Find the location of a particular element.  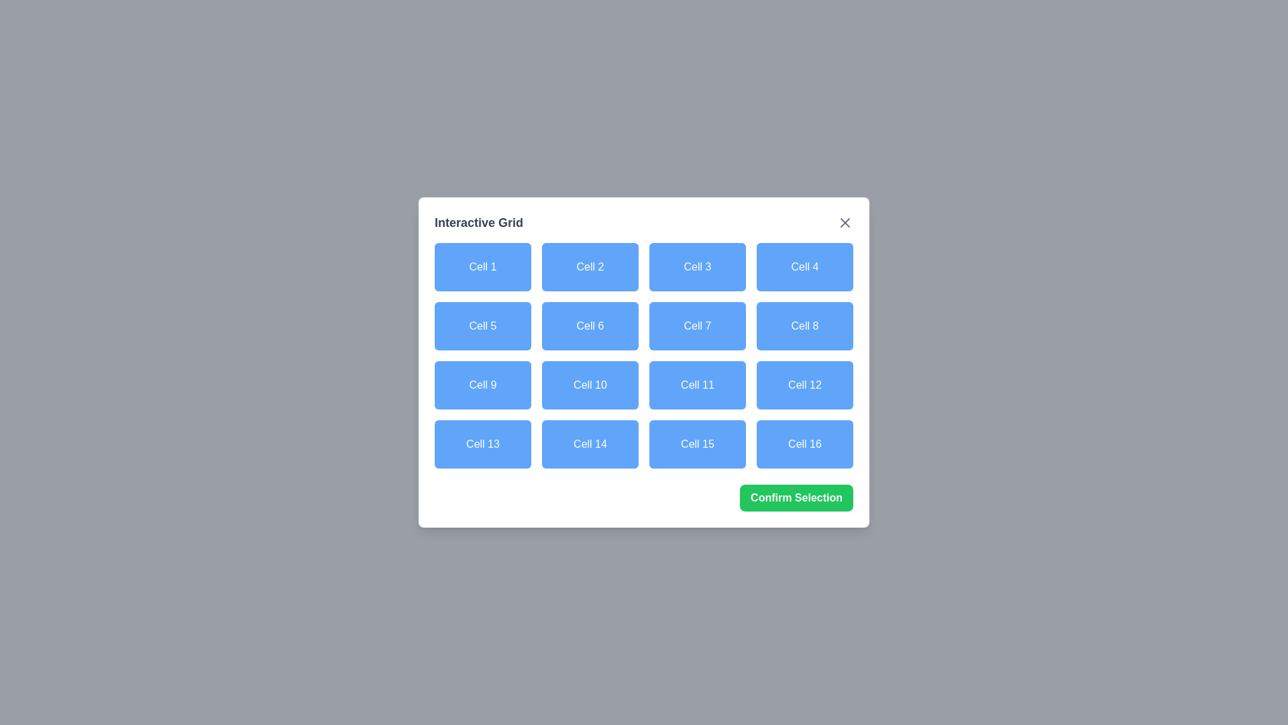

the close button in the top-right corner of the dialog is located at coordinates (844, 222).